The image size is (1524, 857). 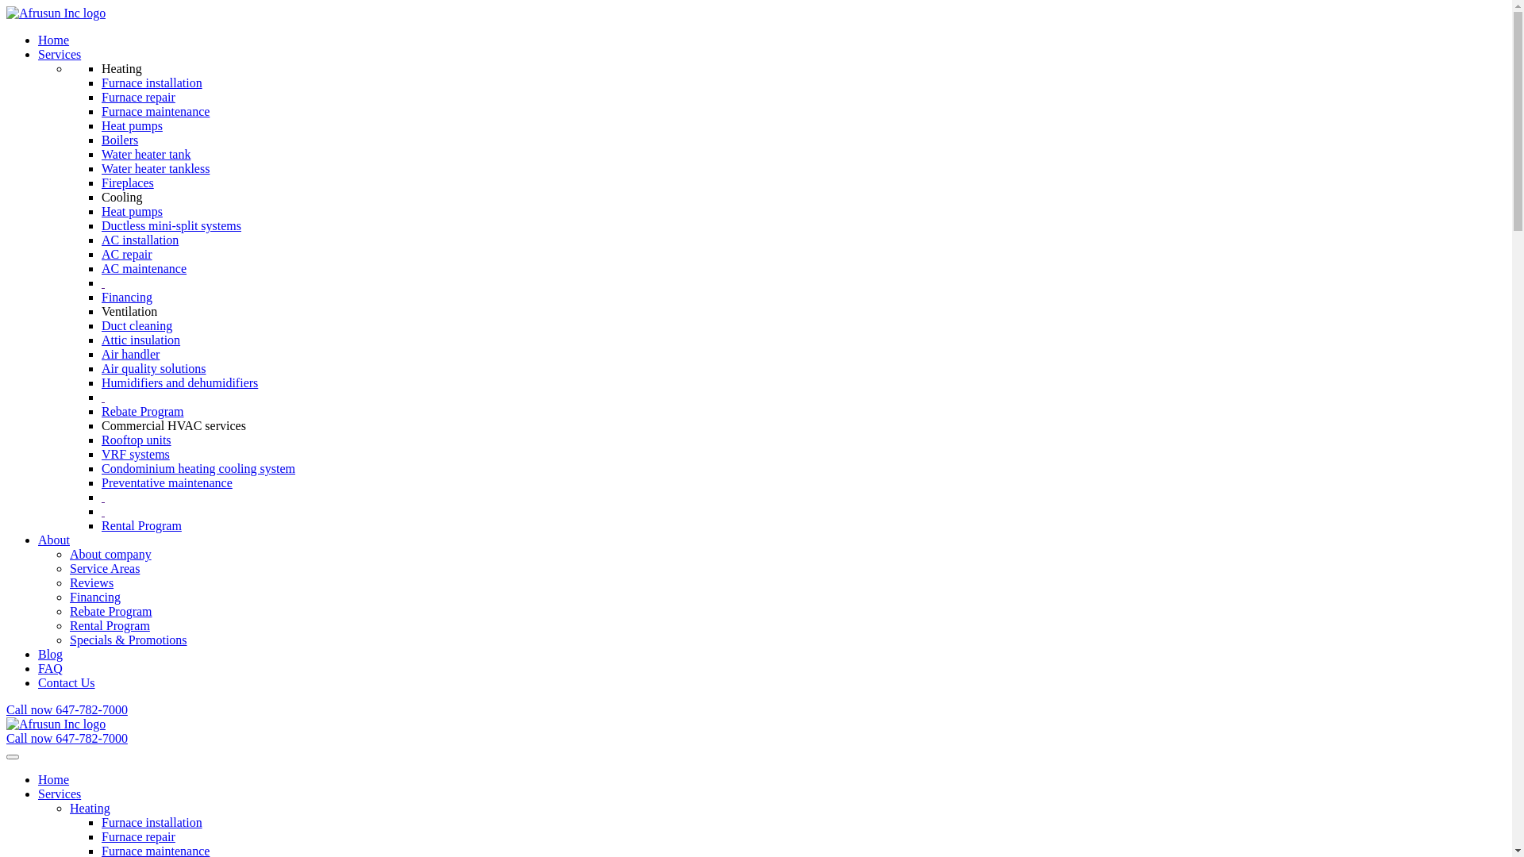 What do you see at coordinates (137, 325) in the screenshot?
I see `'Duct cleaning'` at bounding box center [137, 325].